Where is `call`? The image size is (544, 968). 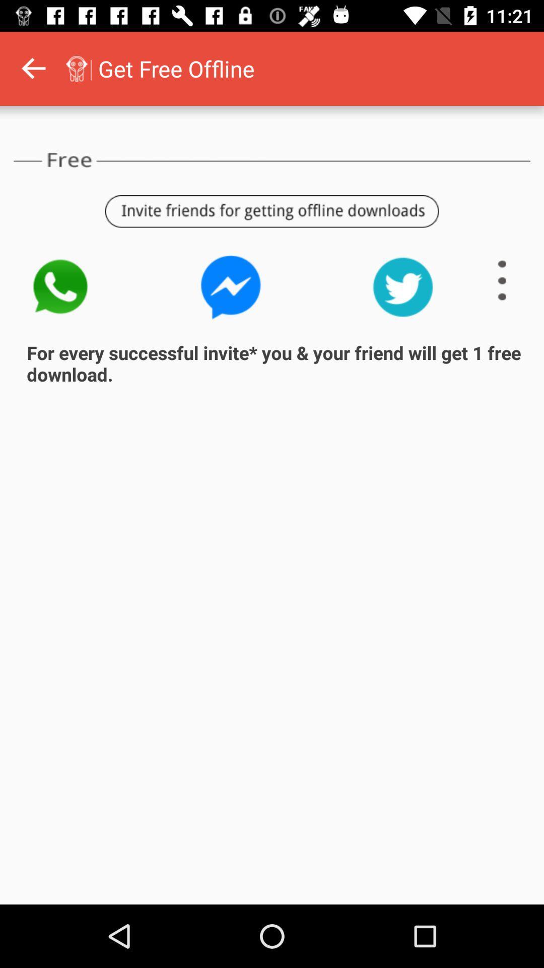 call is located at coordinates (59, 286).